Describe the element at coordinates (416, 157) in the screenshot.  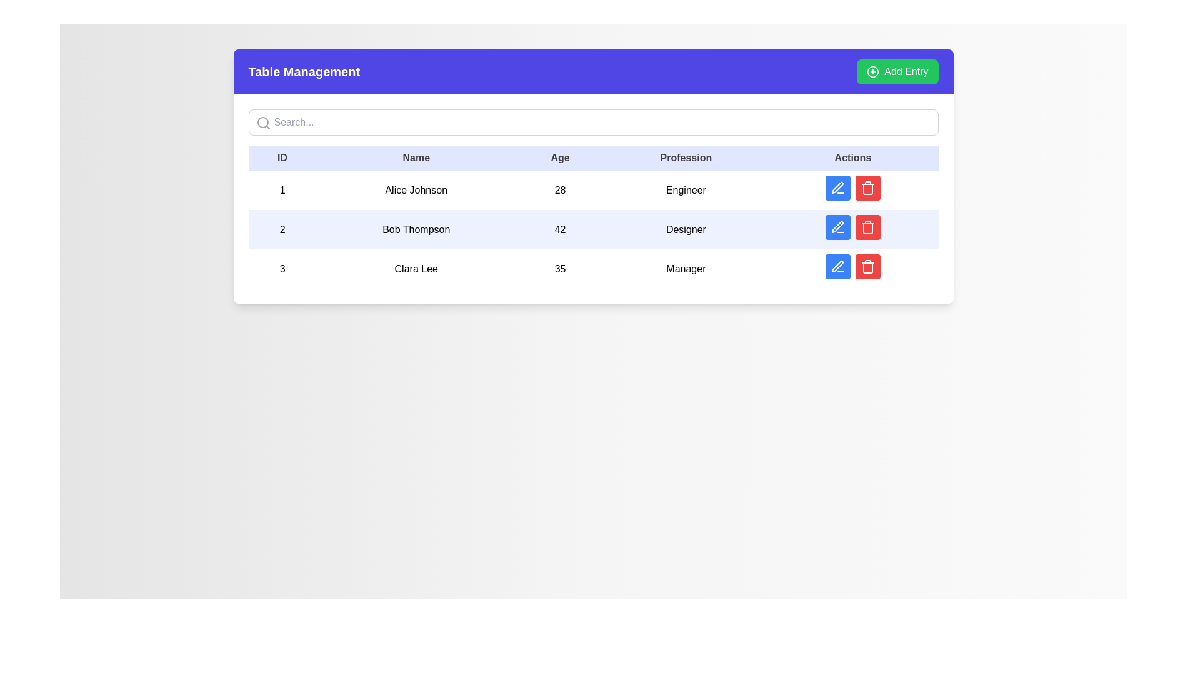
I see `the 'Name' column header in the table, which is the second column header located between the 'ID' and 'Age' headers` at that location.